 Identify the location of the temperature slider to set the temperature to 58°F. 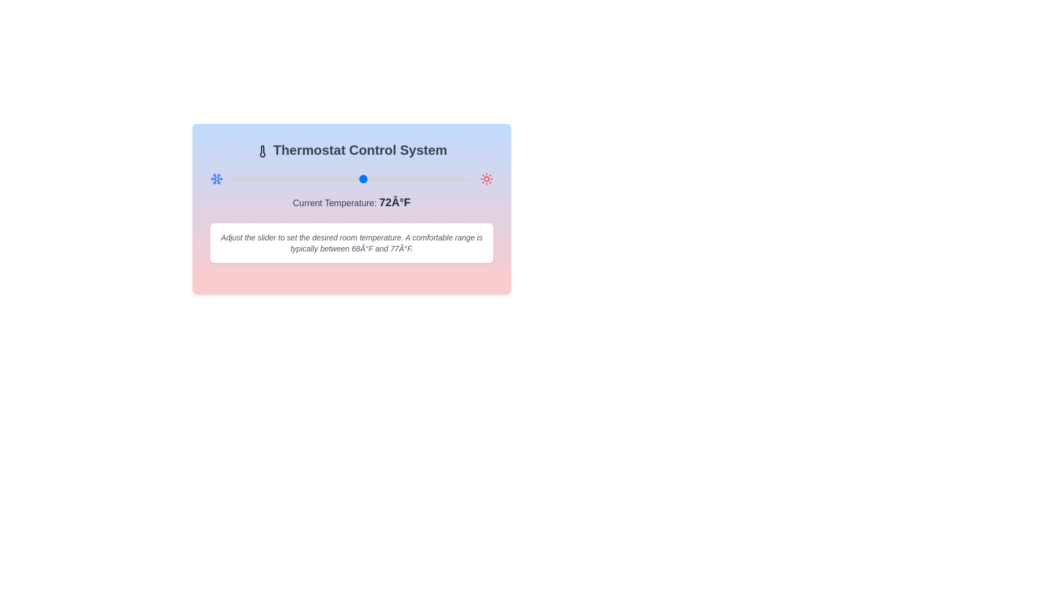
(280, 179).